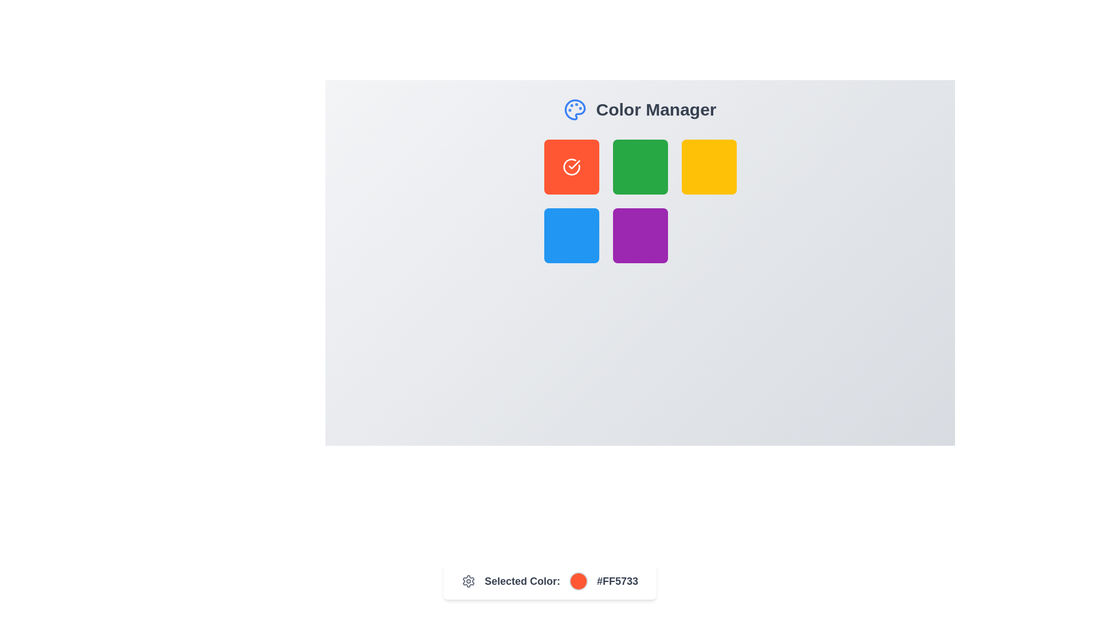 Image resolution: width=1100 pixels, height=618 pixels. I want to click on the decorative palette icon located at the top of the interface, to the left of the 'Color Manager' label, which symbolizes the theme of the application, so click(575, 110).